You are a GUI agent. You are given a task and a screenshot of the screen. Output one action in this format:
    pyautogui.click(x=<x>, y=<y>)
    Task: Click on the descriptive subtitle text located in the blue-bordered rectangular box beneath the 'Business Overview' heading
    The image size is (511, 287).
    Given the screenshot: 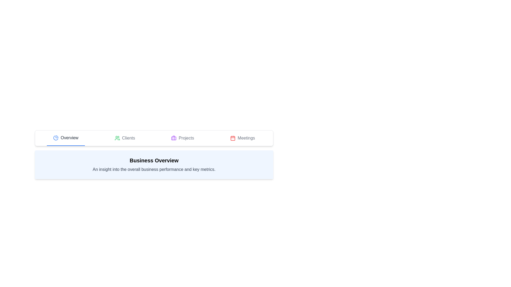 What is the action you would take?
    pyautogui.click(x=154, y=169)
    